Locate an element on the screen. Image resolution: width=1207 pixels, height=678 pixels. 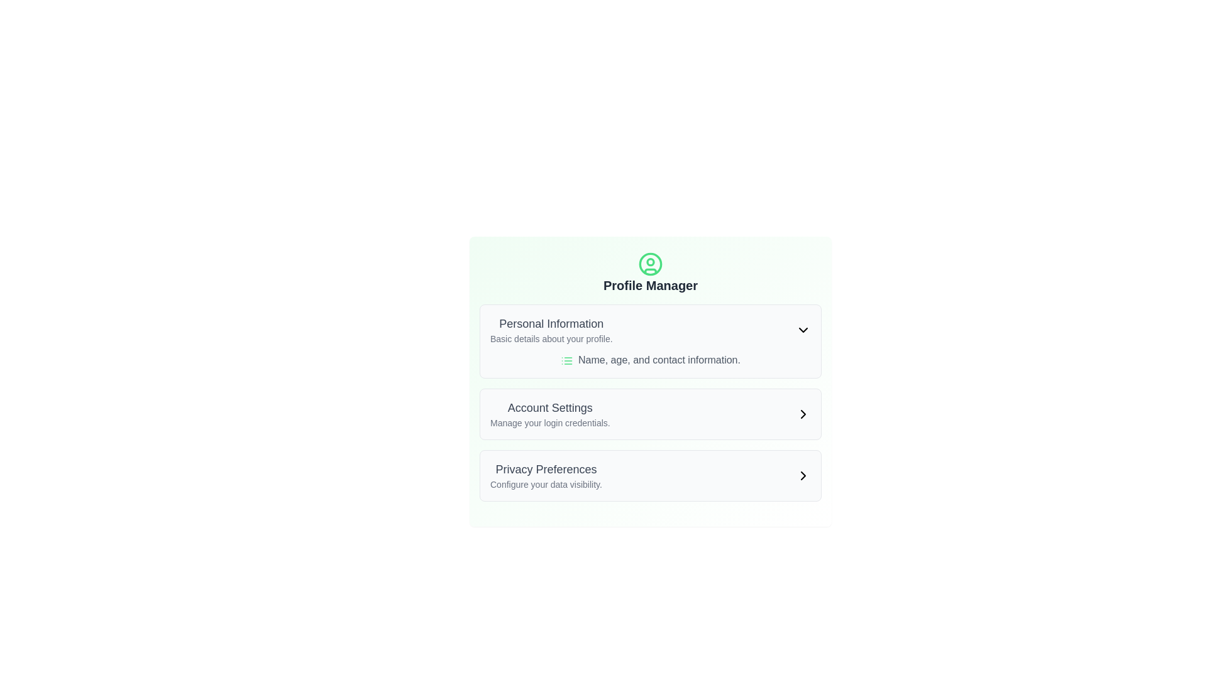
the navigation indicator icon located to the right side of the 'Account Settings' section is located at coordinates (802, 414).